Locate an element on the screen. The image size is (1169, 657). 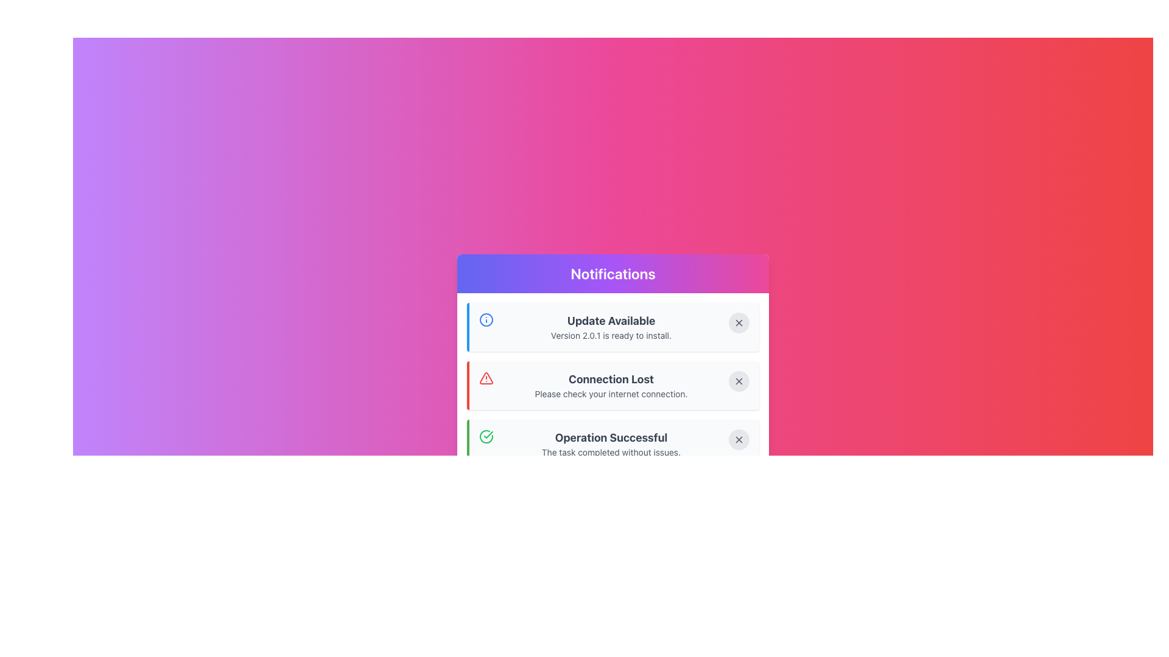
notification message displayed in the text section located within the notification card at the bottom of the notifications stack is located at coordinates (611, 443).